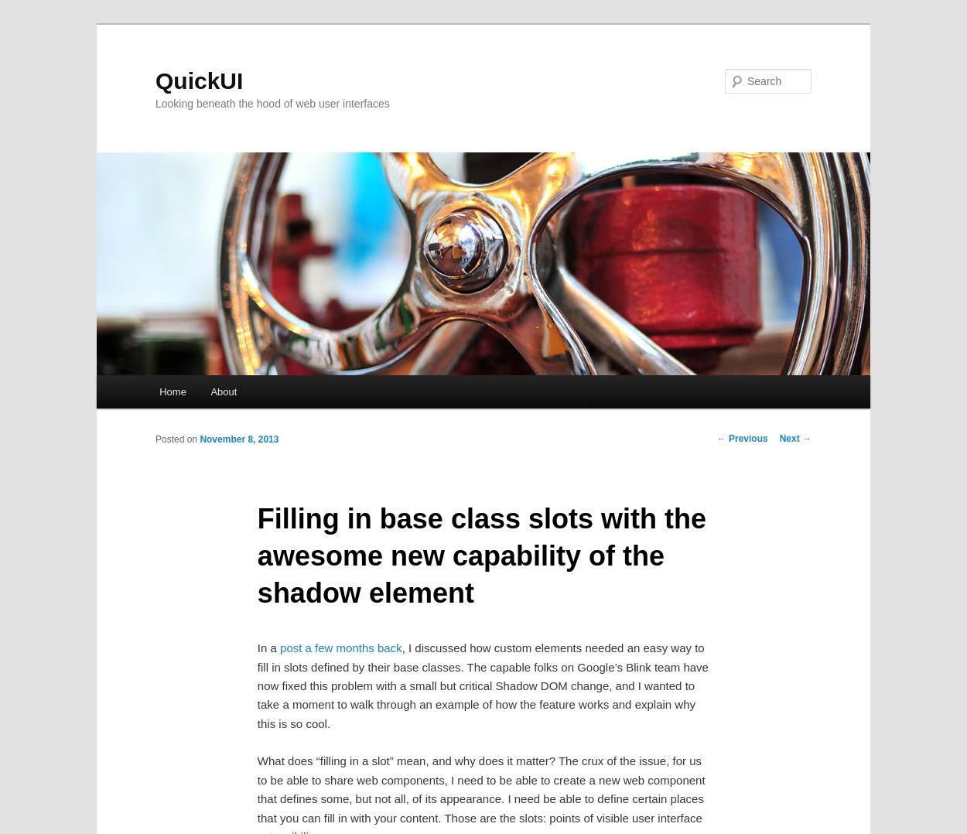  Describe the element at coordinates (176, 438) in the screenshot. I see `'Posted on'` at that location.